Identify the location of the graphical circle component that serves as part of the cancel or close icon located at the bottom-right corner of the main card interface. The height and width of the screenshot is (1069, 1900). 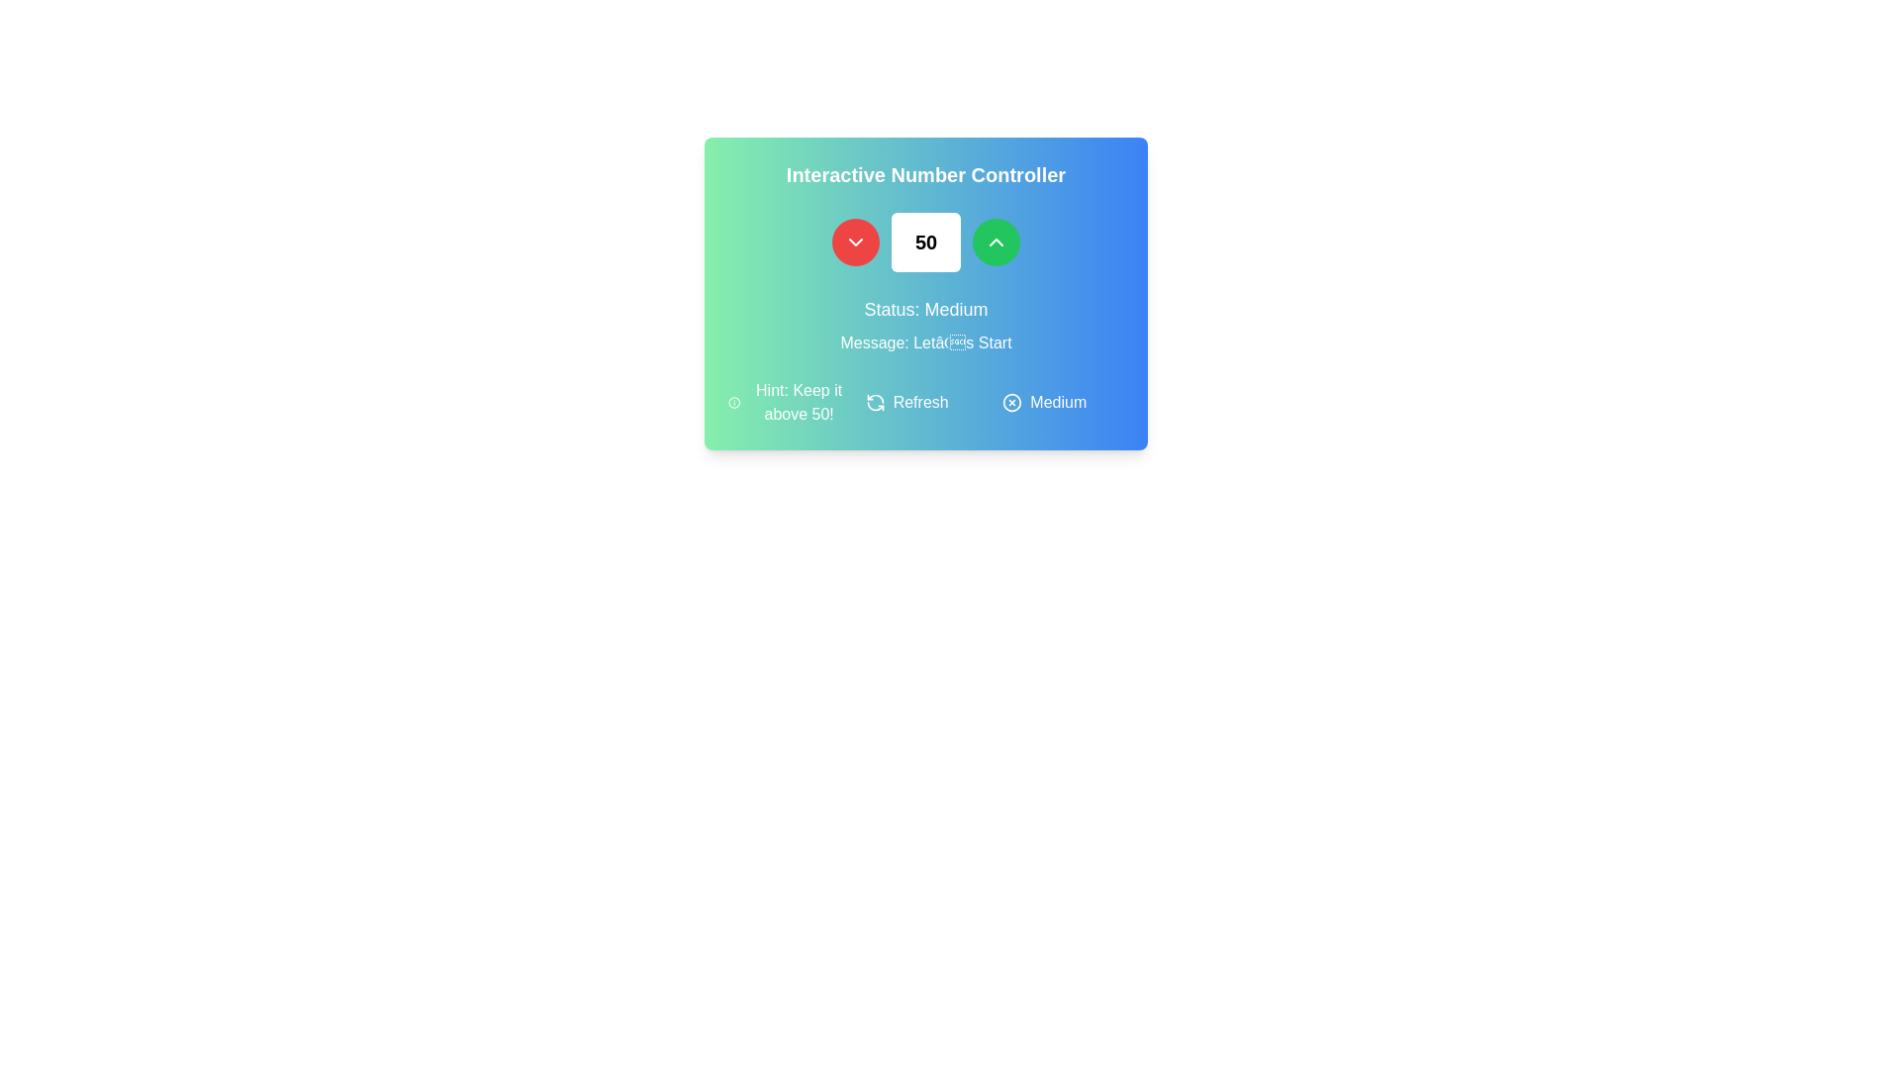
(1012, 402).